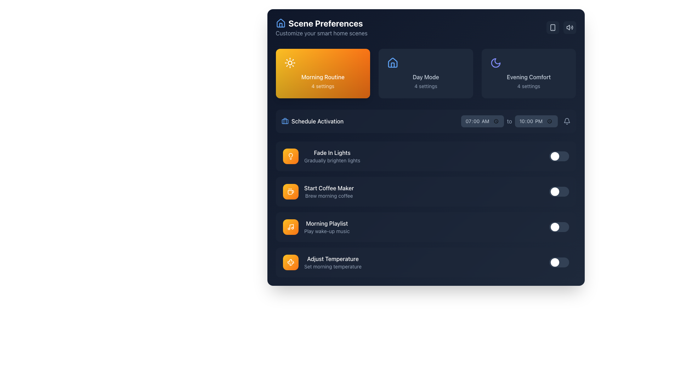 The height and width of the screenshot is (382, 680). I want to click on the toggle switch for the 'Morning Playlist' setting, which is the third item in the 'Scene Preferences' section, positioned between 'Start Coffee Maker' and 'Adjust Temperature', so click(425, 227).